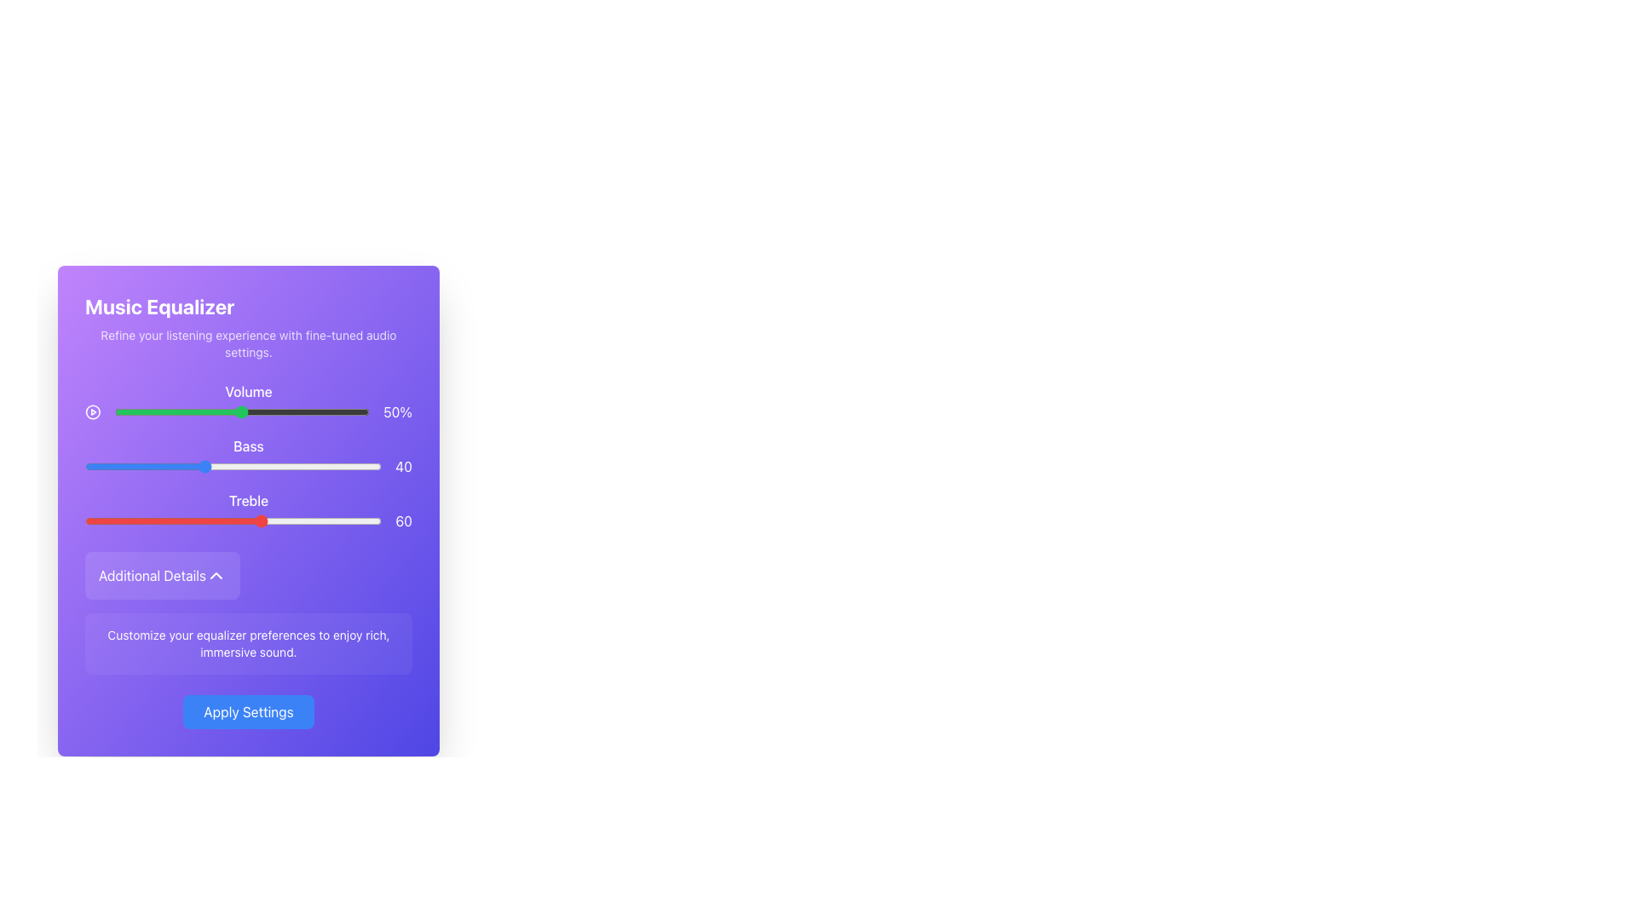 The image size is (1636, 920). Describe the element at coordinates (162, 520) in the screenshot. I see `the Treble` at that location.